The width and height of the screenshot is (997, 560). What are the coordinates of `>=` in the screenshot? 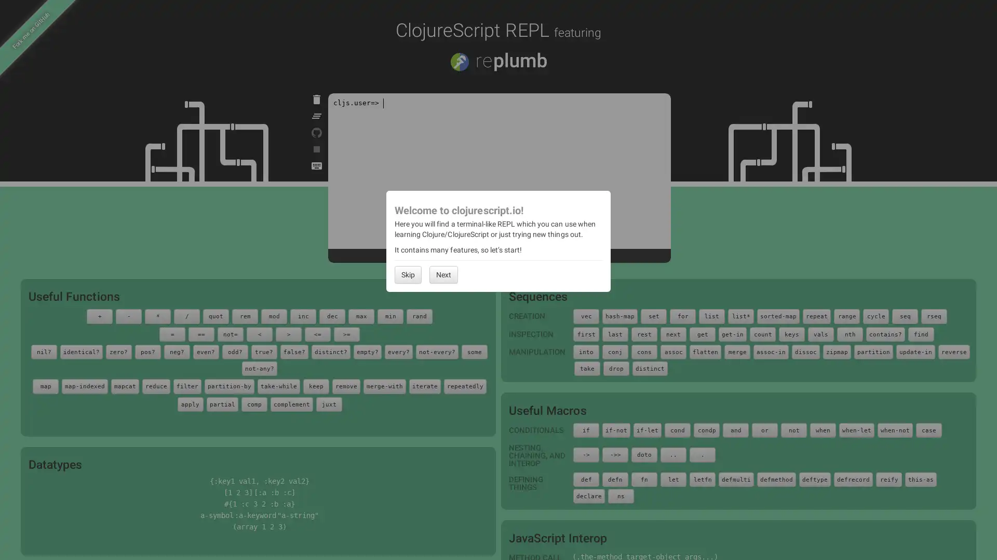 It's located at (346, 334).